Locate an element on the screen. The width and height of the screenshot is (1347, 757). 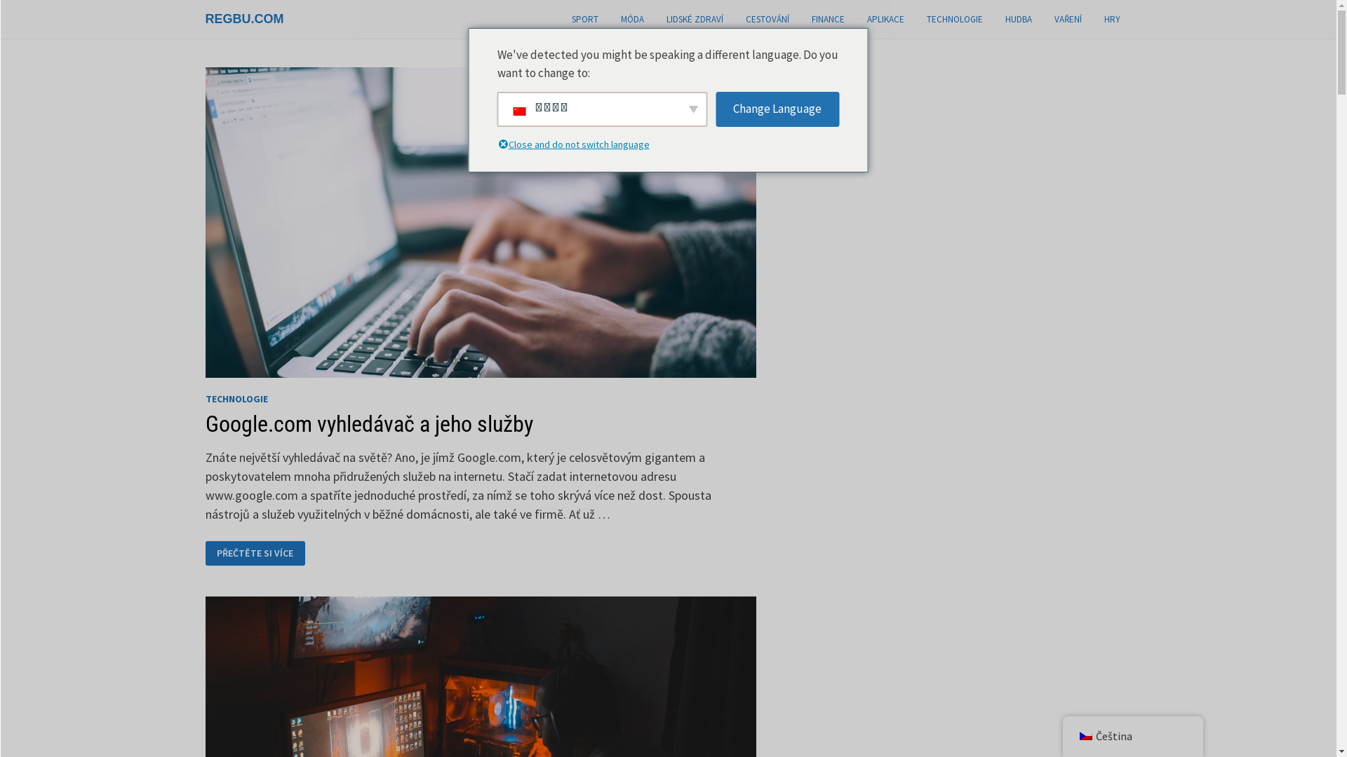
'Change Language' is located at coordinates (777, 108).